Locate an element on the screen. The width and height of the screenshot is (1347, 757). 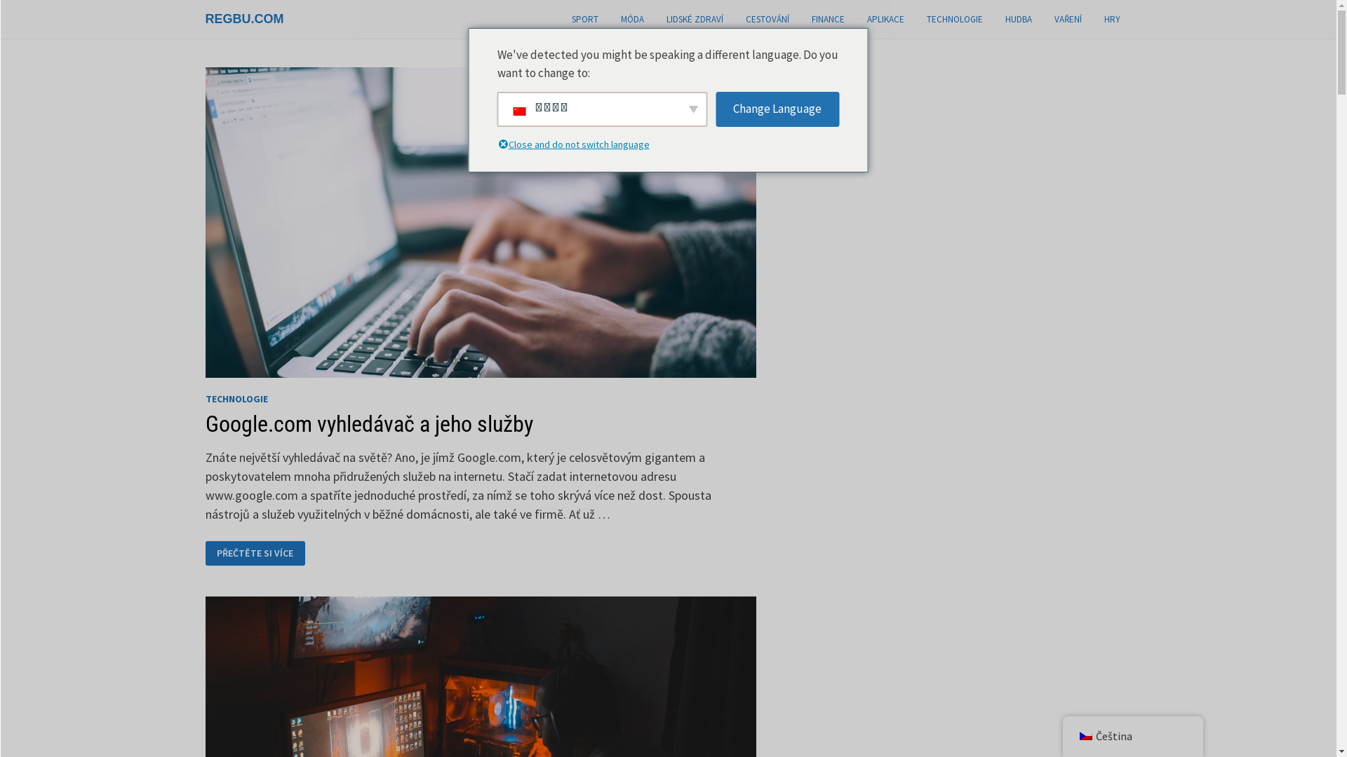
'Change Language' is located at coordinates (777, 108).